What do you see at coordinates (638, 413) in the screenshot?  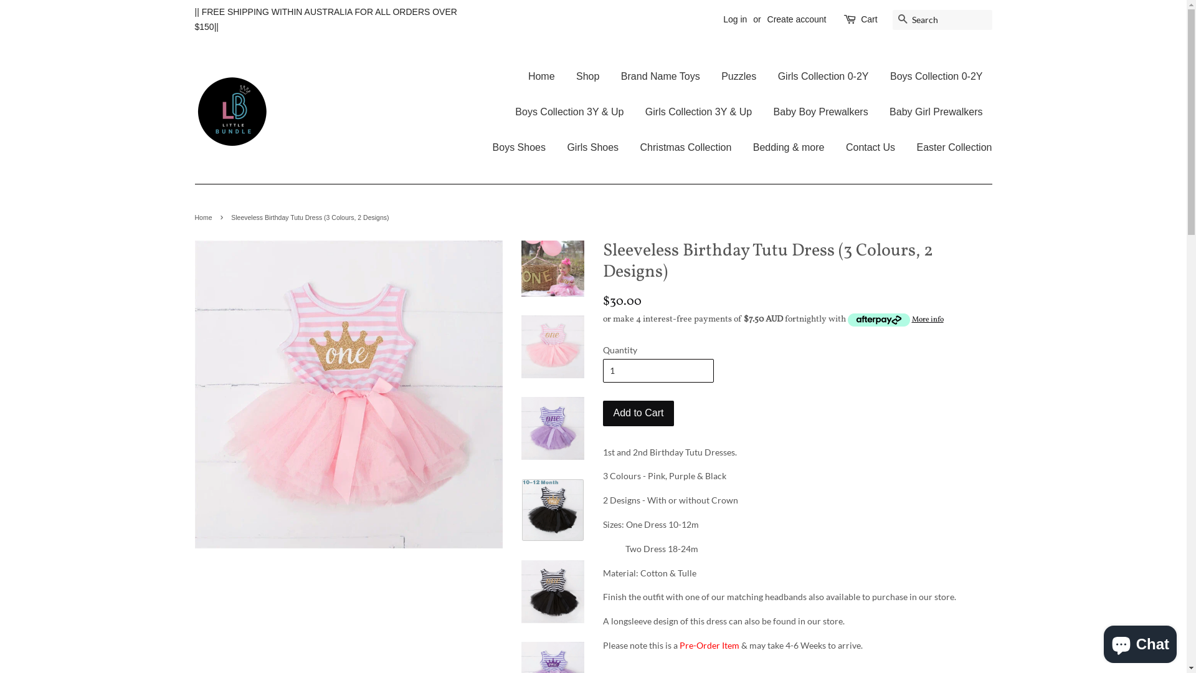 I see `'Add to Cart'` at bounding box center [638, 413].